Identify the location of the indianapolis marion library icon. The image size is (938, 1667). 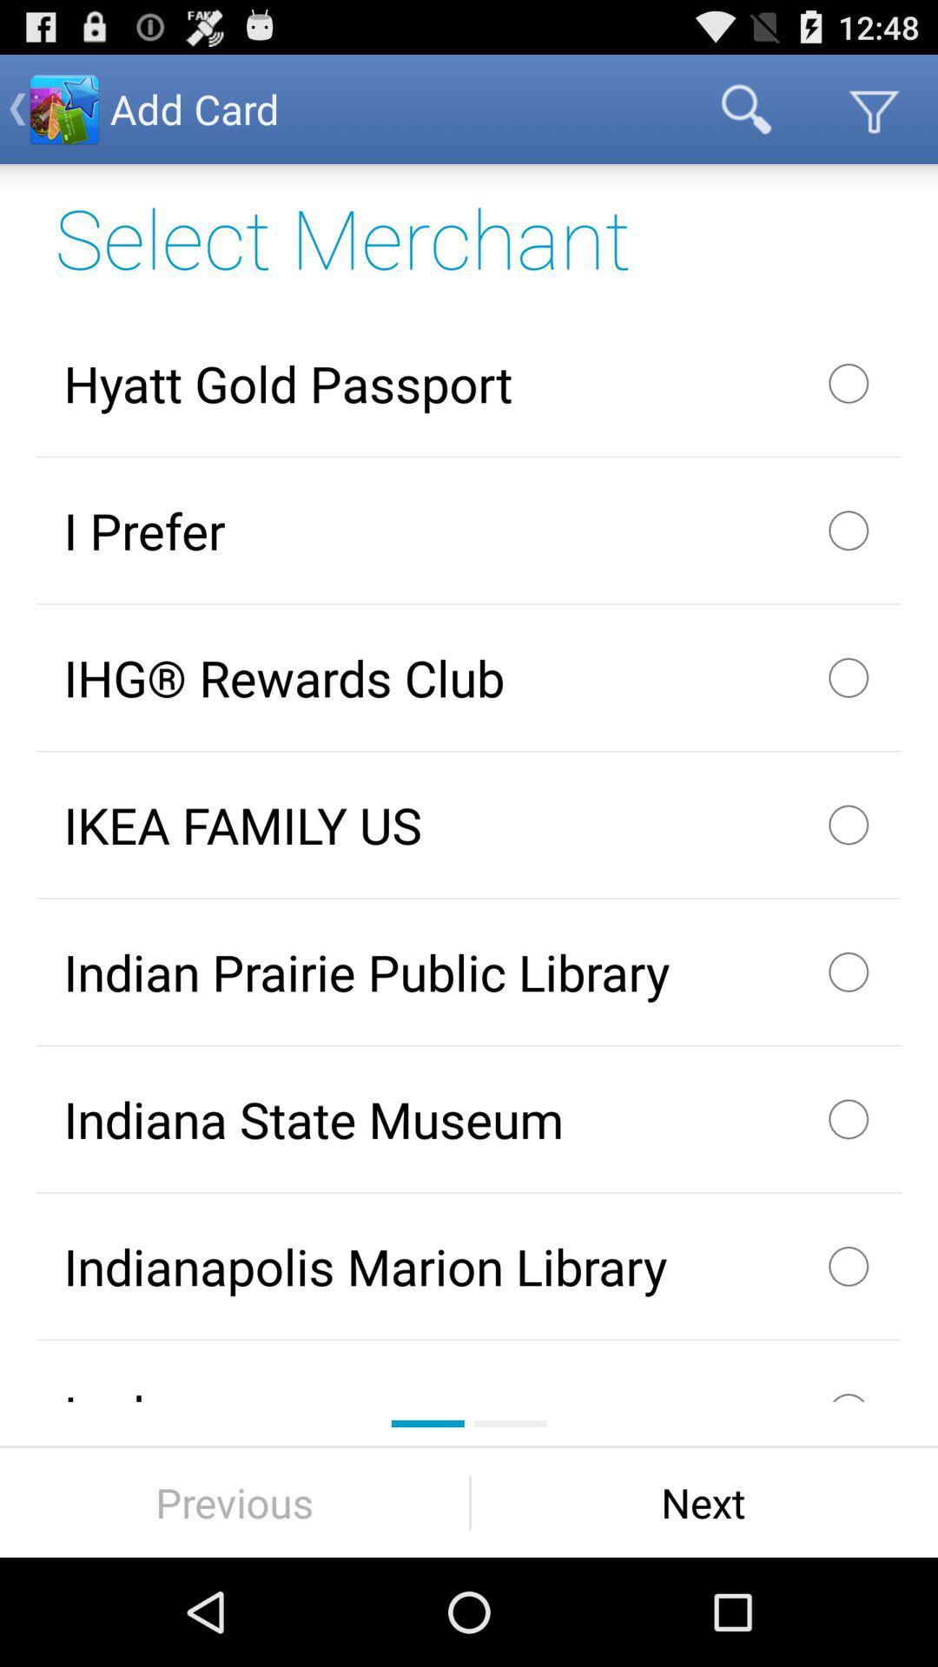
(469, 1266).